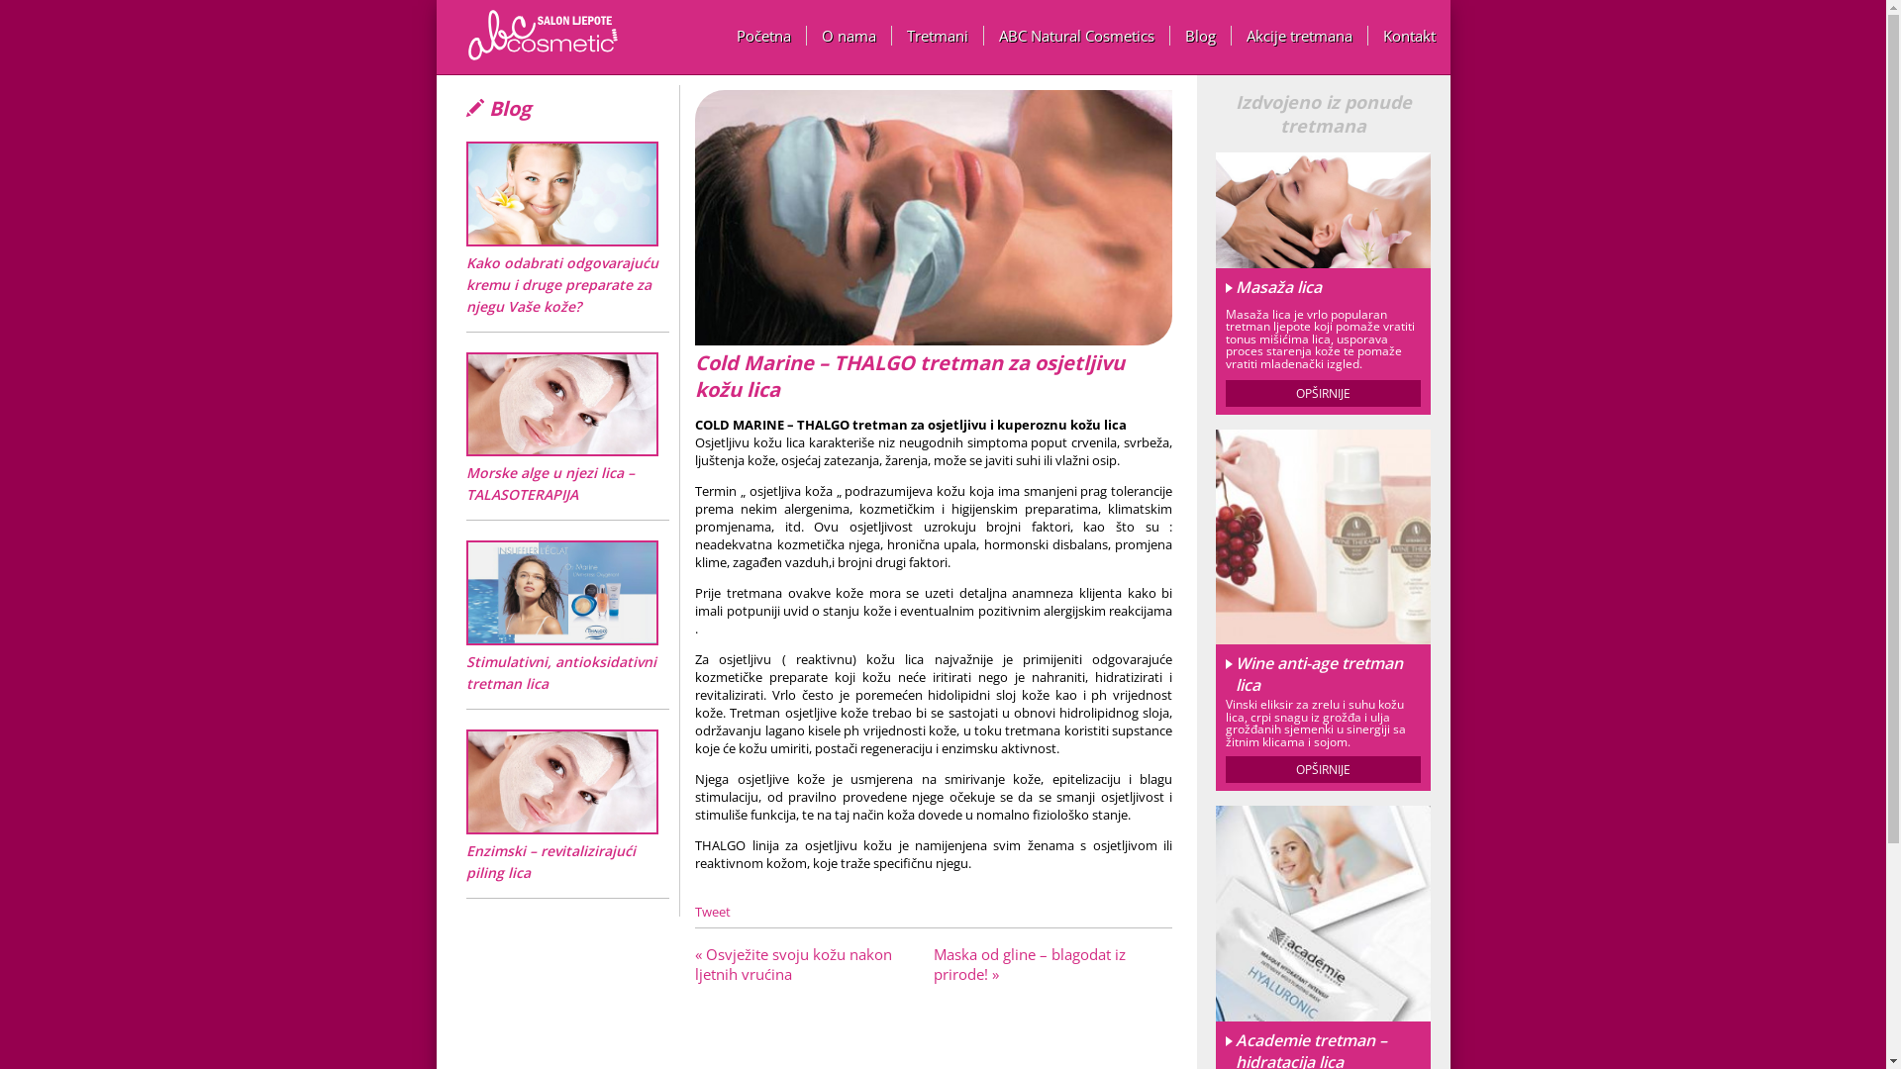 This screenshot has height=1069, width=1901. I want to click on 'Kontakt', so click(1408, 35).